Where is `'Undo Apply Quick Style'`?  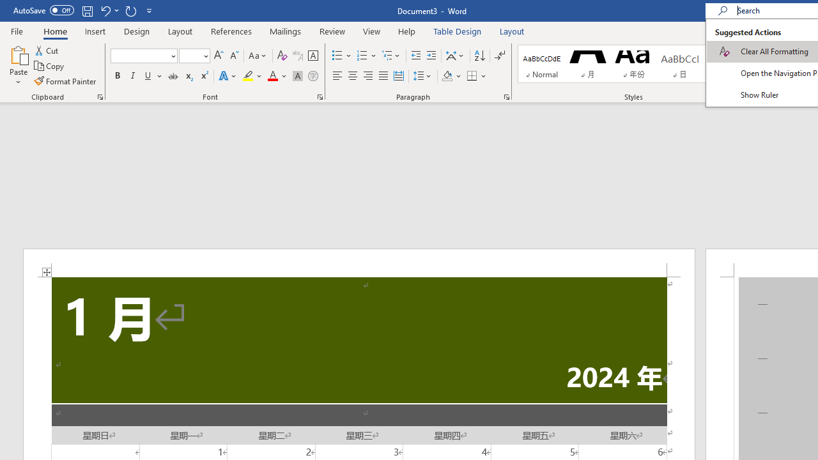
'Undo Apply Quick Style' is located at coordinates (109, 10).